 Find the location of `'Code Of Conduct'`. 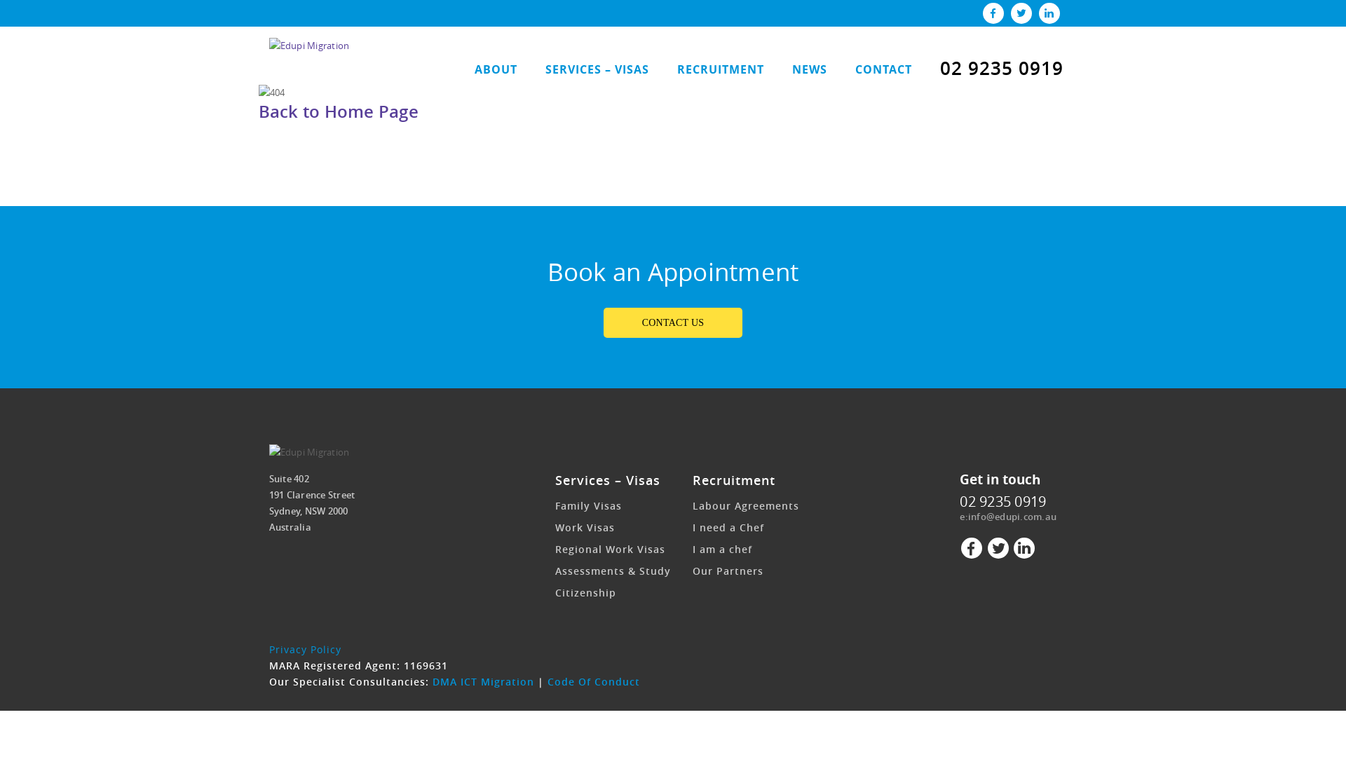

'Code Of Conduct' is located at coordinates (592, 681).